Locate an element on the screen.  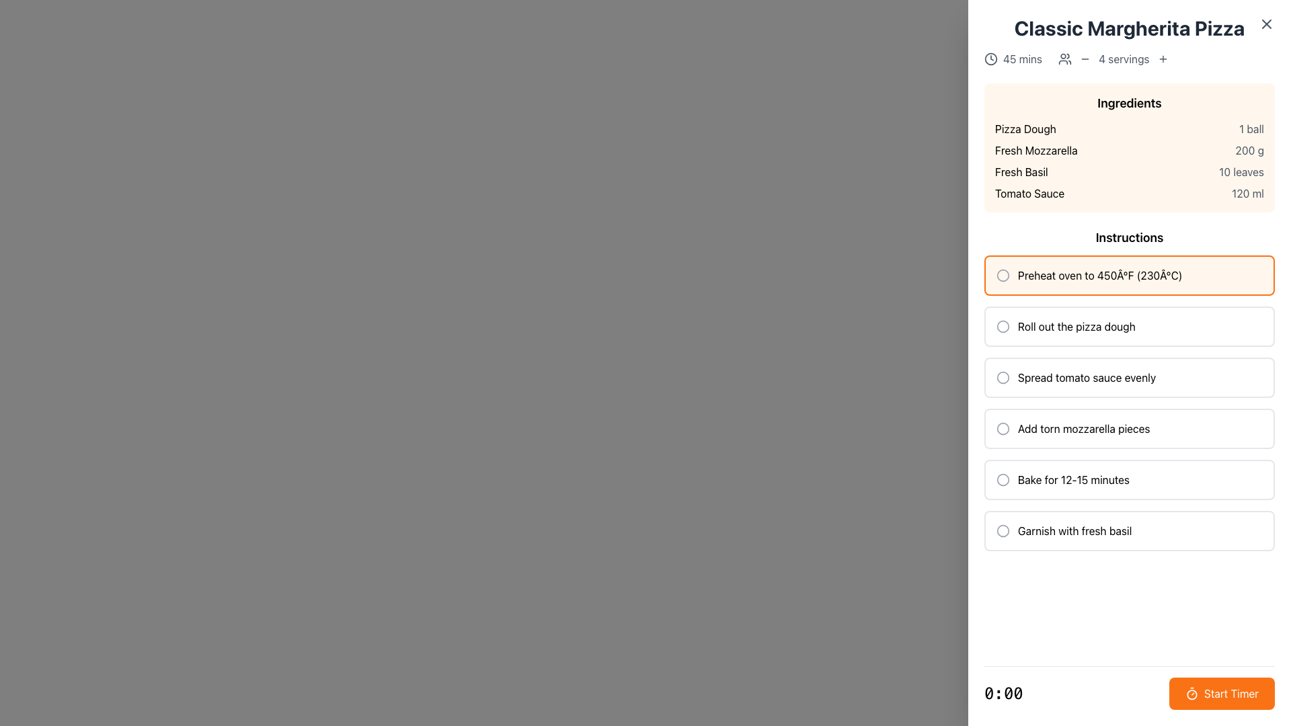
the icon that symbolizes multiple servings, located near the top center of the panel next to the text '4 servings' is located at coordinates (1064, 58).